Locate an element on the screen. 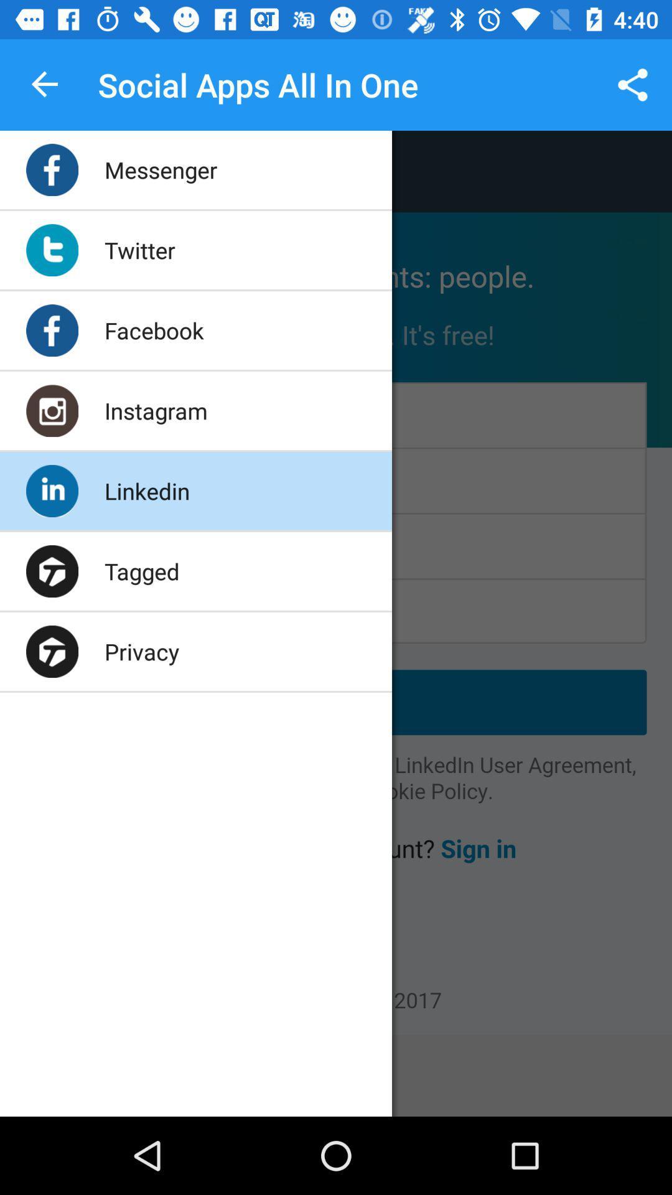 This screenshot has height=1195, width=672. item next to the social apps all icon is located at coordinates (633, 84).